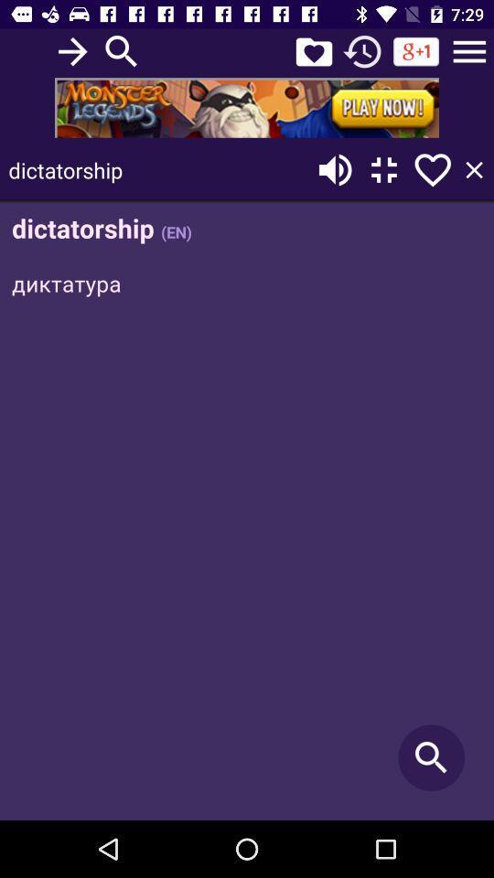 This screenshot has width=494, height=878. I want to click on refresh content, so click(362, 50).